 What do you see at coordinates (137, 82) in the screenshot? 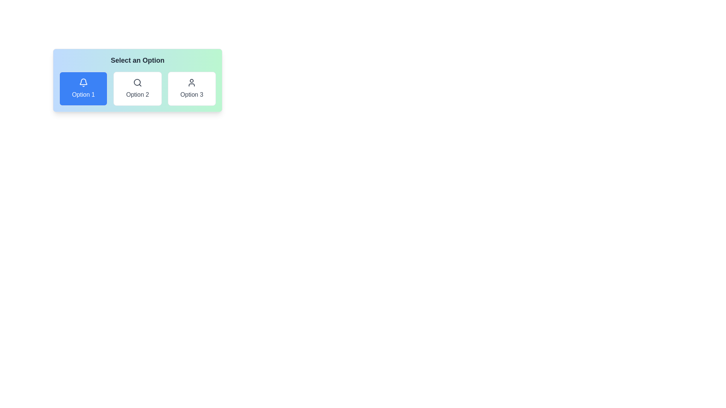
I see `the SVG Circle located in the center of the magnifying glass icon, which is the second option in the 'Select an Option' menu positioned in the upper-central region of the interface` at bounding box center [137, 82].